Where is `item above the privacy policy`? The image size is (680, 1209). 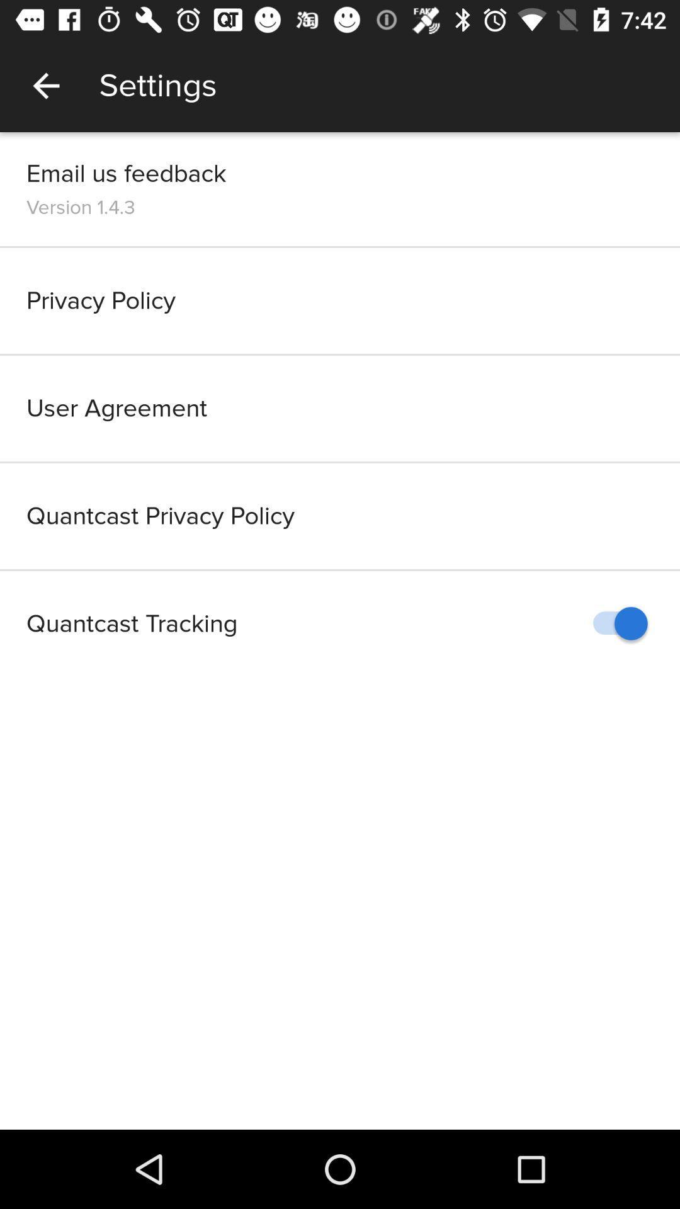 item above the privacy policy is located at coordinates (81, 207).